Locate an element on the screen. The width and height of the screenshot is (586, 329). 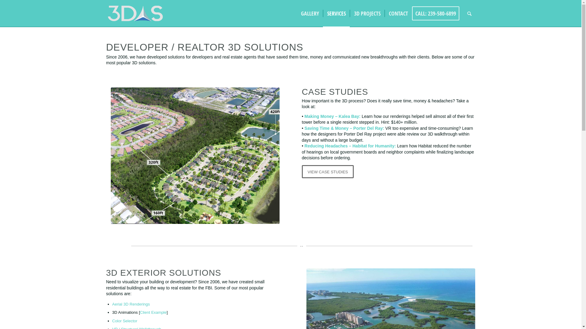
'Color Selector' is located at coordinates (124, 320).